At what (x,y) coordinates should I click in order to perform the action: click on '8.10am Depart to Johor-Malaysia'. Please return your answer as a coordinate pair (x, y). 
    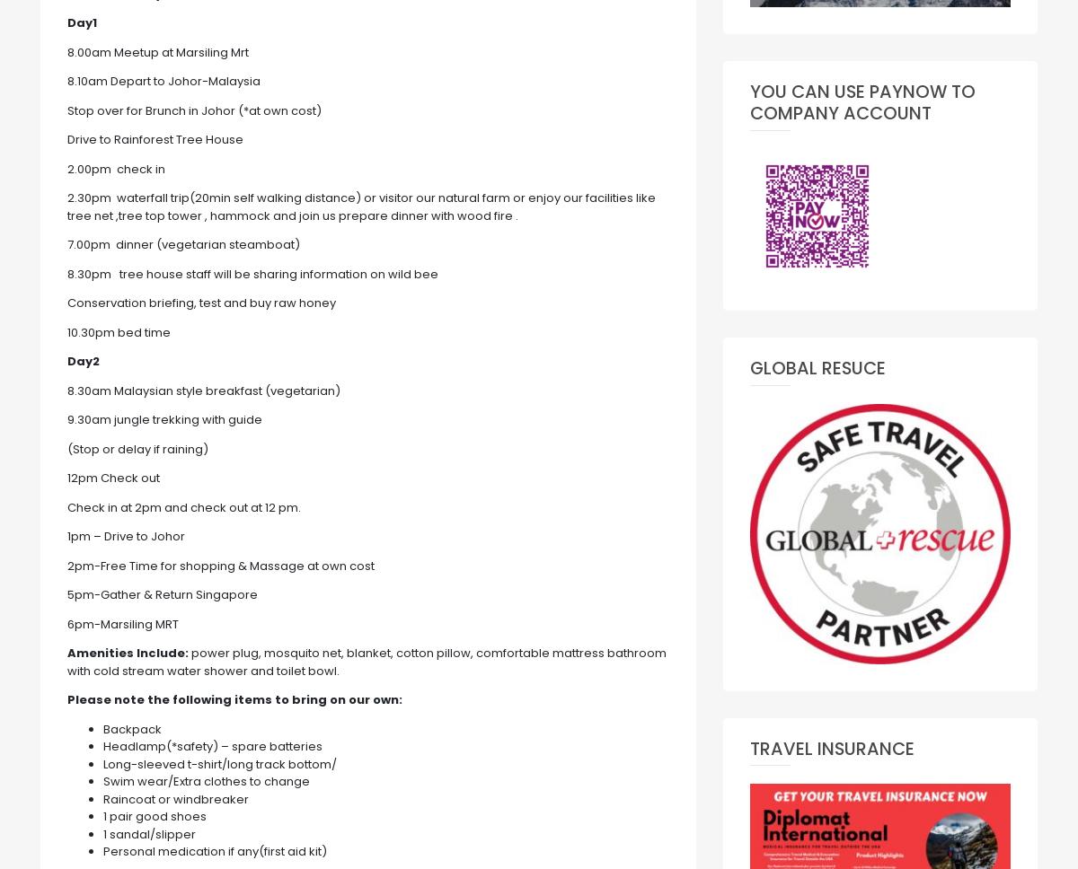
    Looking at the image, I should click on (67, 81).